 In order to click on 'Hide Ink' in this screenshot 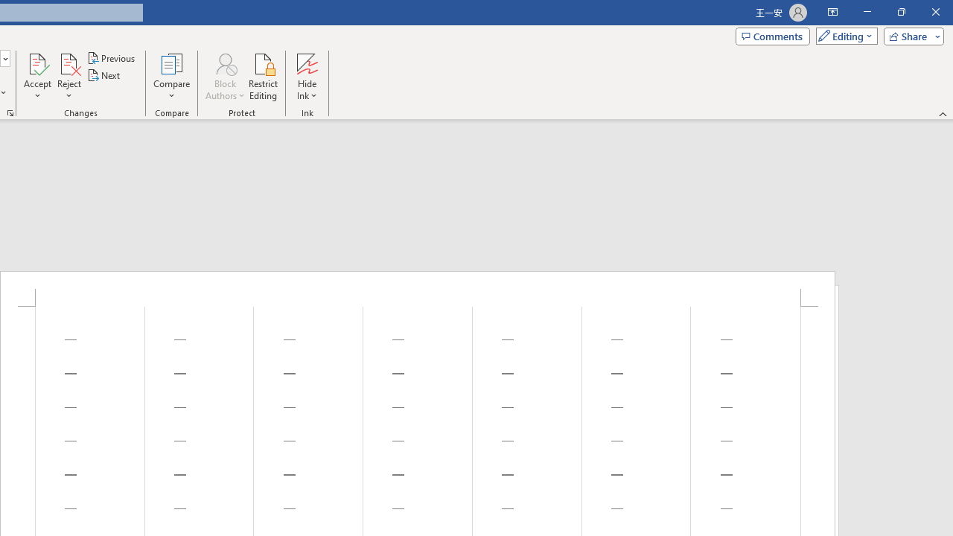, I will do `click(306, 63)`.